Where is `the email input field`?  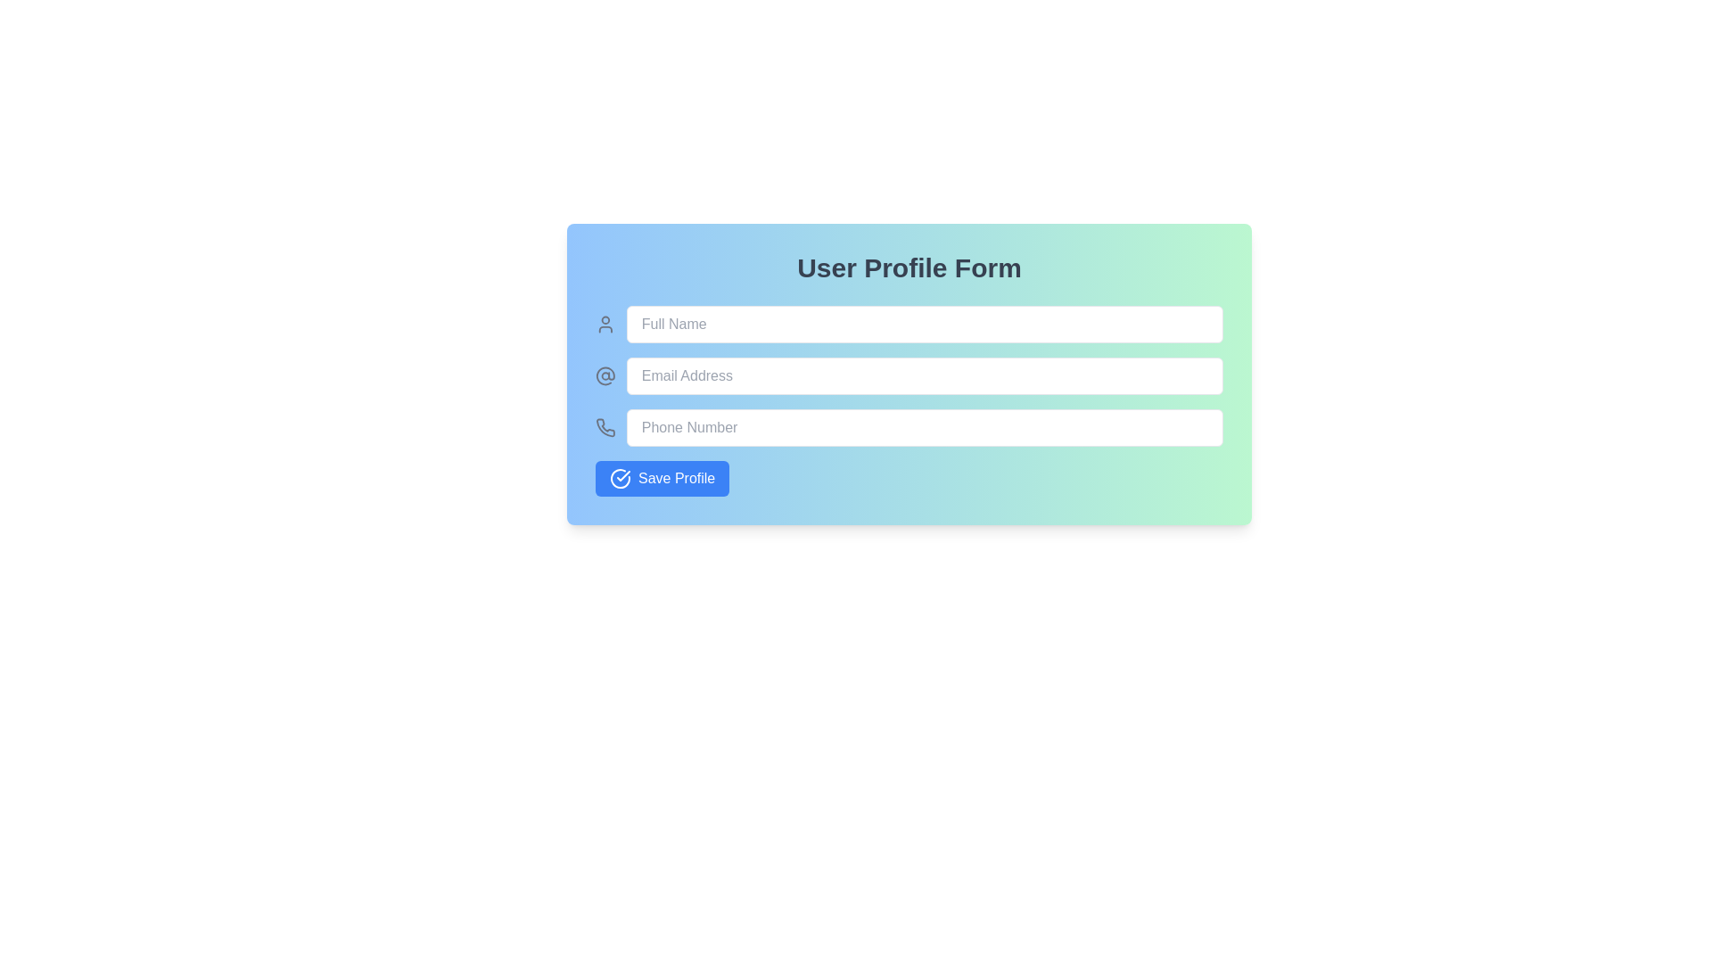 the email input field is located at coordinates (925, 374).